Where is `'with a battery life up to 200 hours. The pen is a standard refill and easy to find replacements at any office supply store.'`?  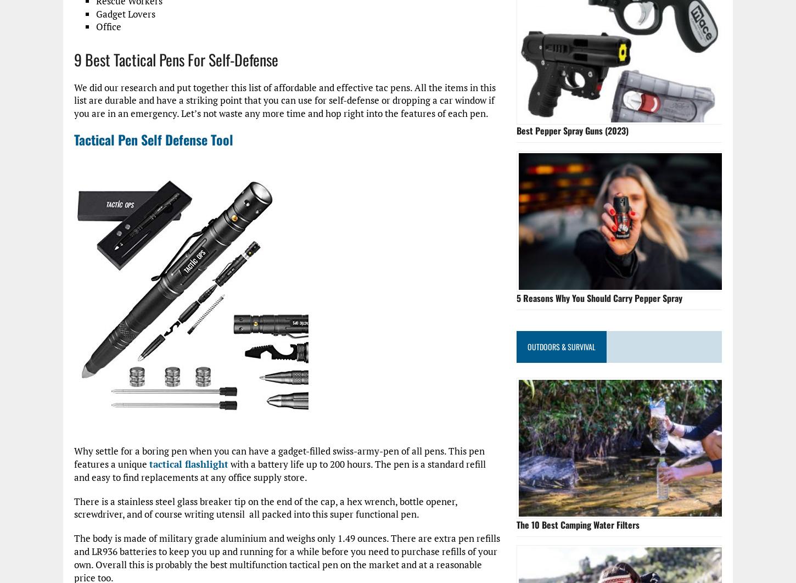
'with a battery life up to 200 hours. The pen is a standard refill and easy to find replacements at any office supply store.' is located at coordinates (279, 470).